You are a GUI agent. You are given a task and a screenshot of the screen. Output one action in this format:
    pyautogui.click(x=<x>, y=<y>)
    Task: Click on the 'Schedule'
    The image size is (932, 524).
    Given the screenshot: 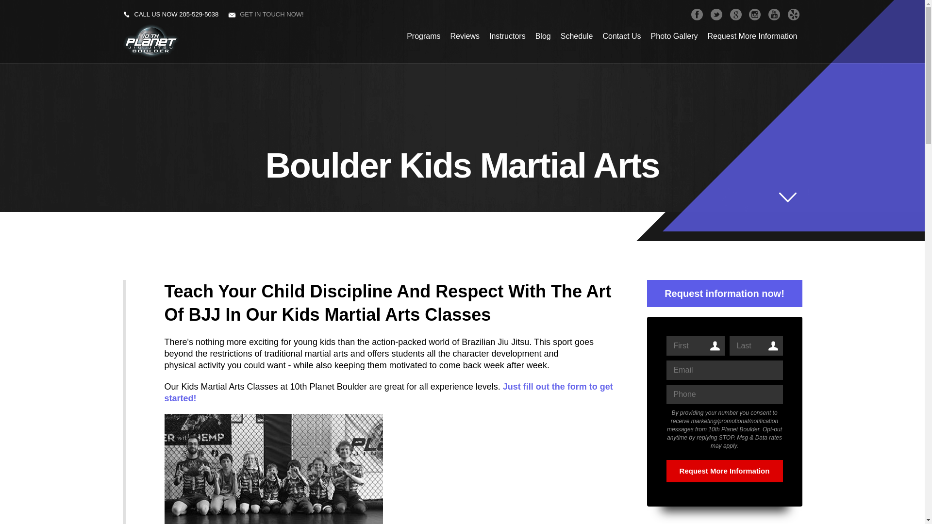 What is the action you would take?
    pyautogui.click(x=557, y=35)
    